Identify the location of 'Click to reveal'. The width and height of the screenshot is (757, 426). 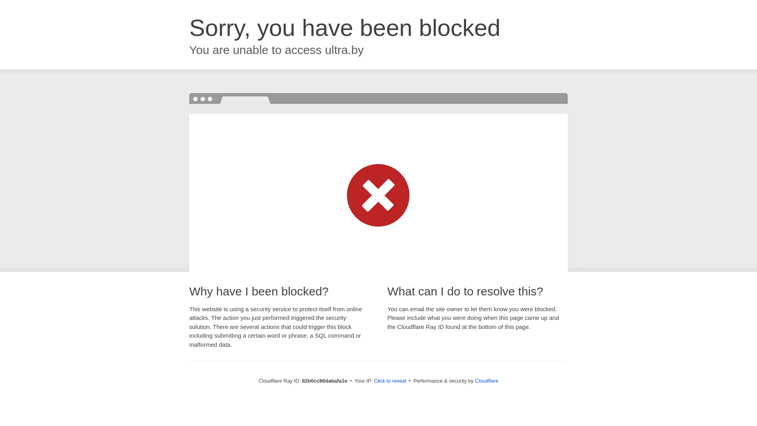
(390, 380).